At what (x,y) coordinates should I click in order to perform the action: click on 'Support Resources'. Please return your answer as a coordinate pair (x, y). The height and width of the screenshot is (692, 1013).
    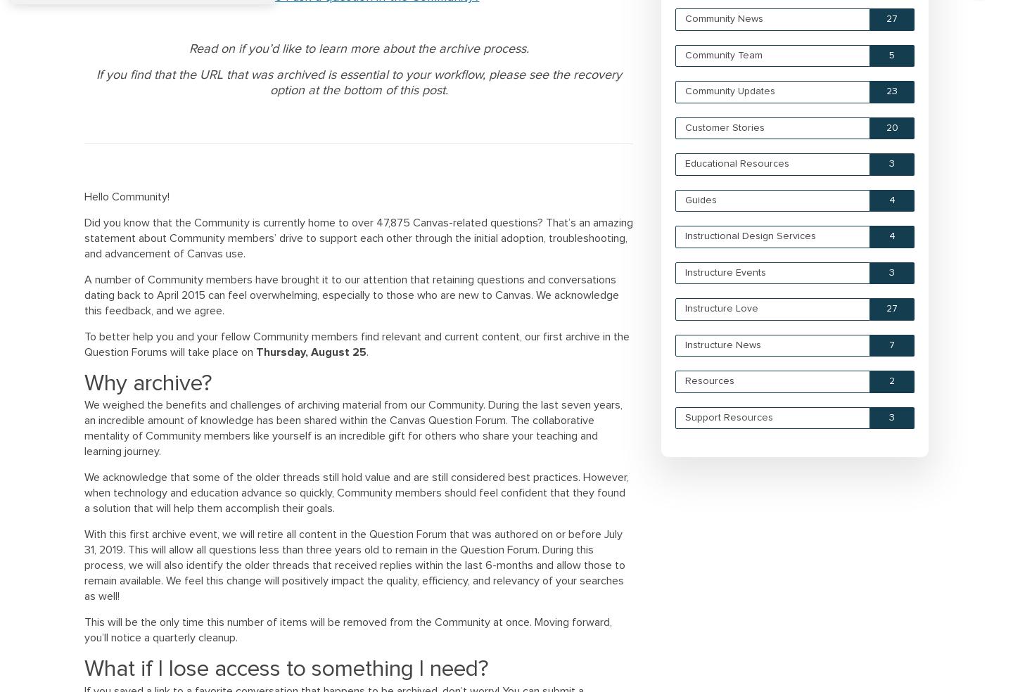
    Looking at the image, I should click on (684, 416).